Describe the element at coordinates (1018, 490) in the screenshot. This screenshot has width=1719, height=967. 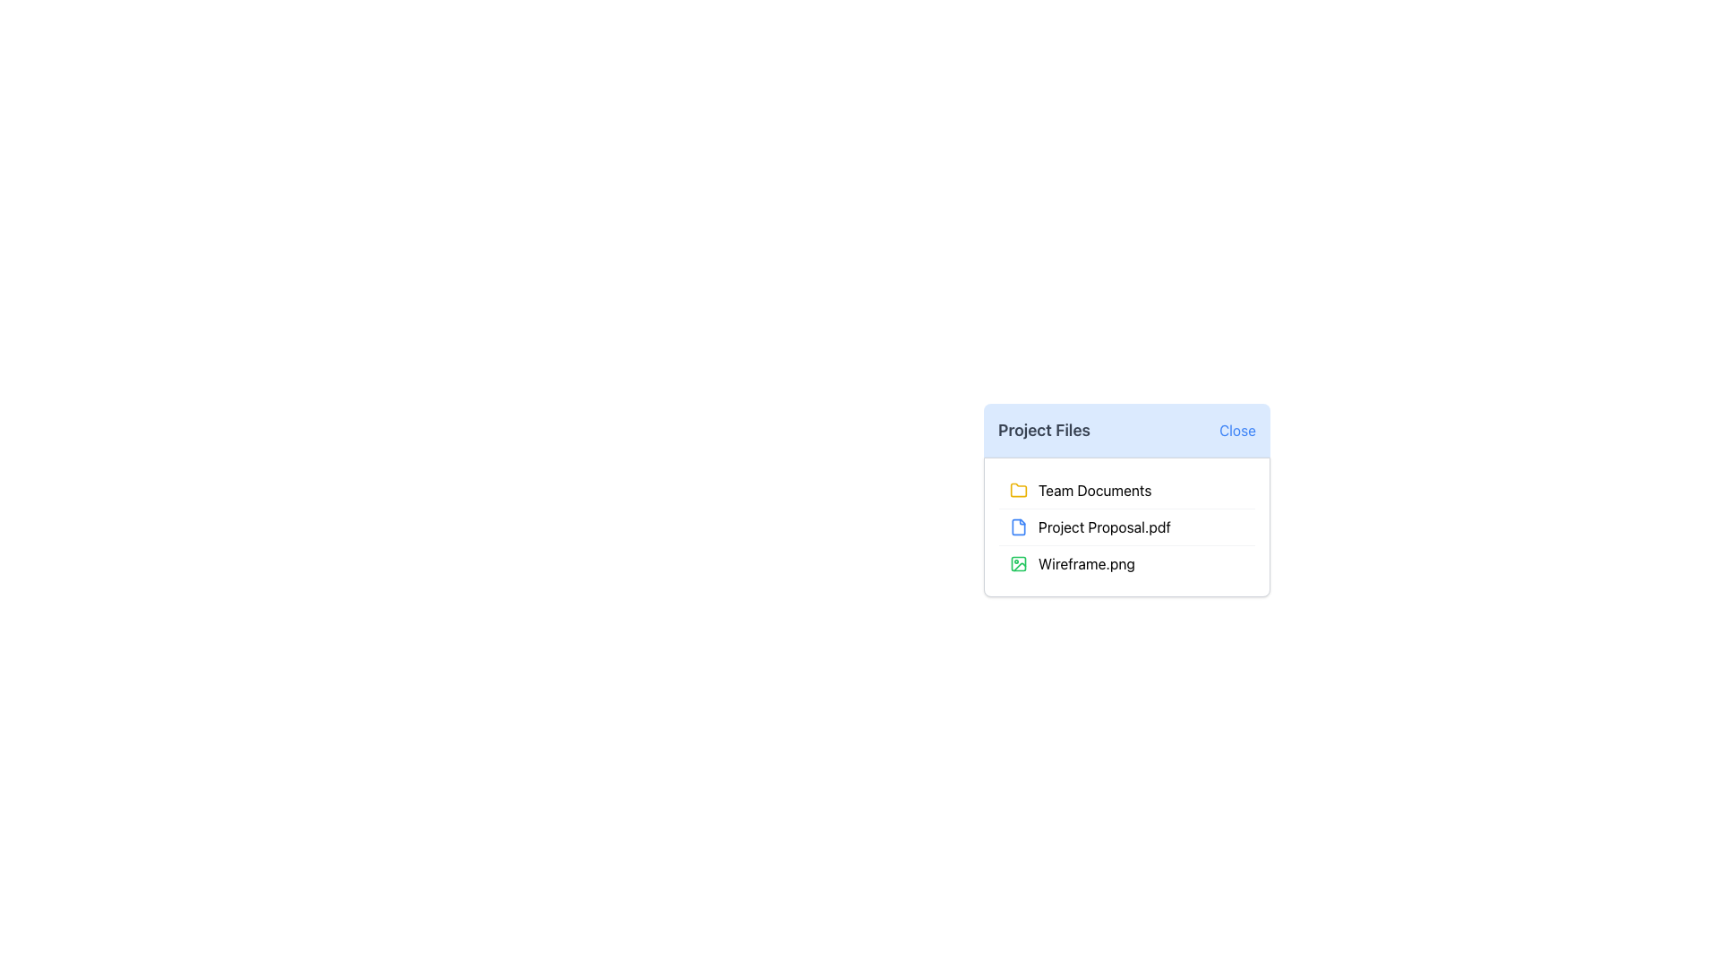
I see `the SVG icon representing the folder for 'Team Documents', located in the first position of the 'Project Files' panel` at that location.